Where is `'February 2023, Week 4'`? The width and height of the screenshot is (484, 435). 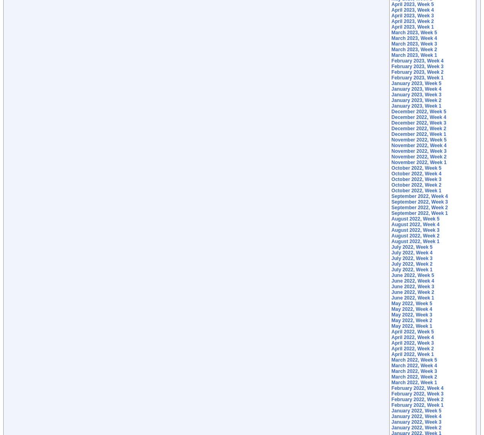
'February 2023, Week 4' is located at coordinates (391, 60).